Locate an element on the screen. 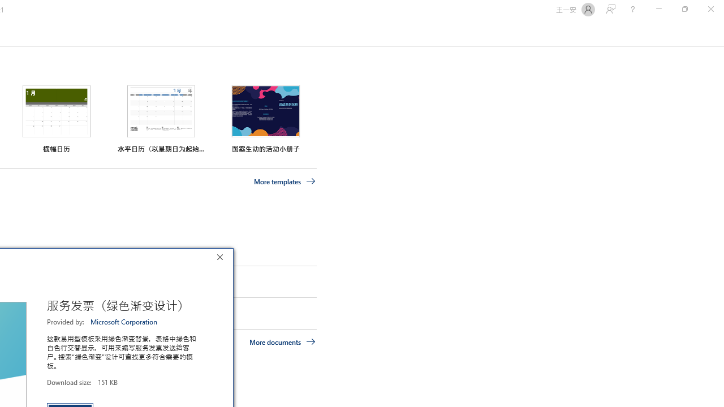  'More documents' is located at coordinates (282, 341).